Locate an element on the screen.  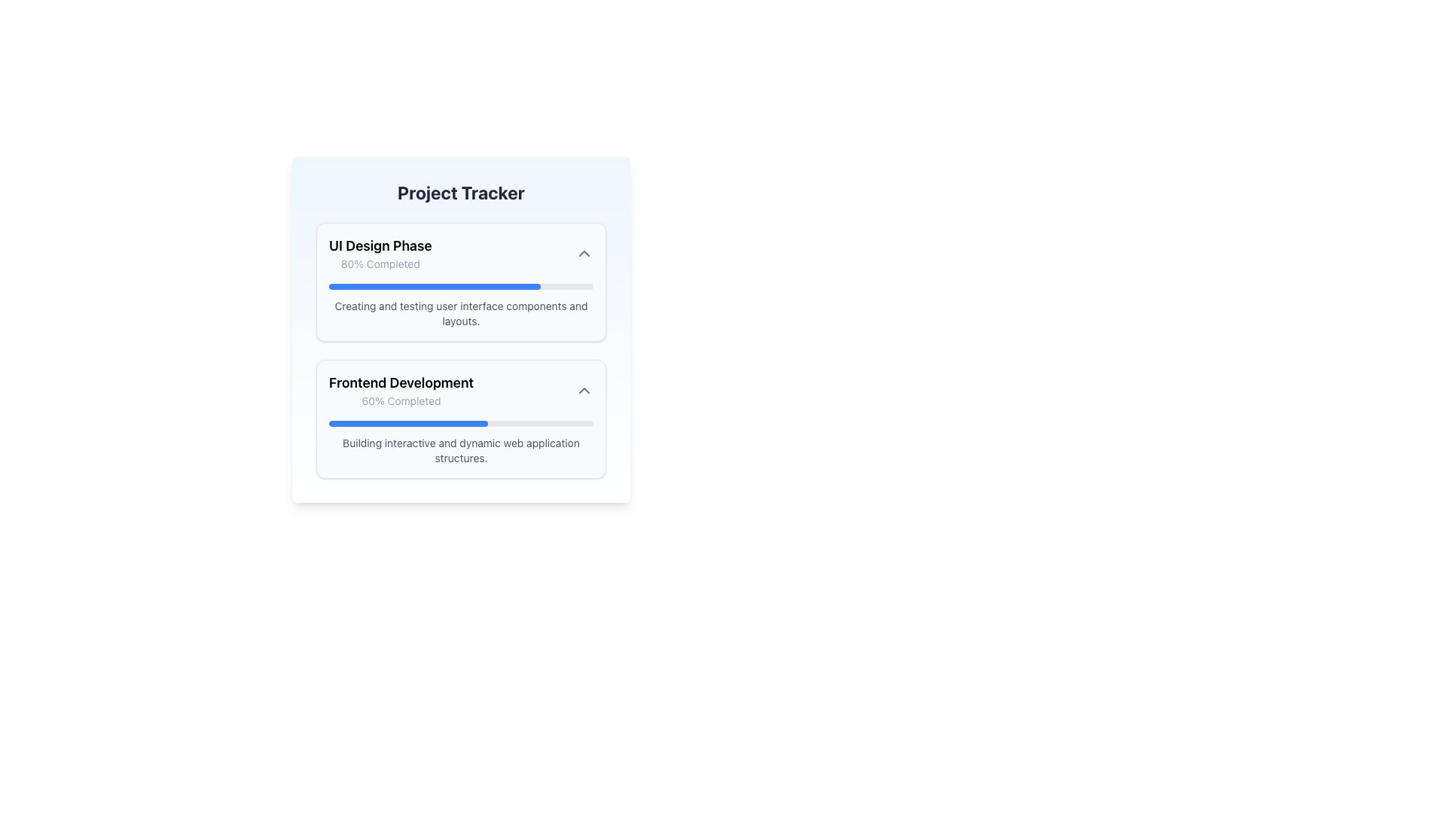
text displayed in the 'Frontend Development' Text Display, which indicates the progress of the task is located at coordinates (401, 390).